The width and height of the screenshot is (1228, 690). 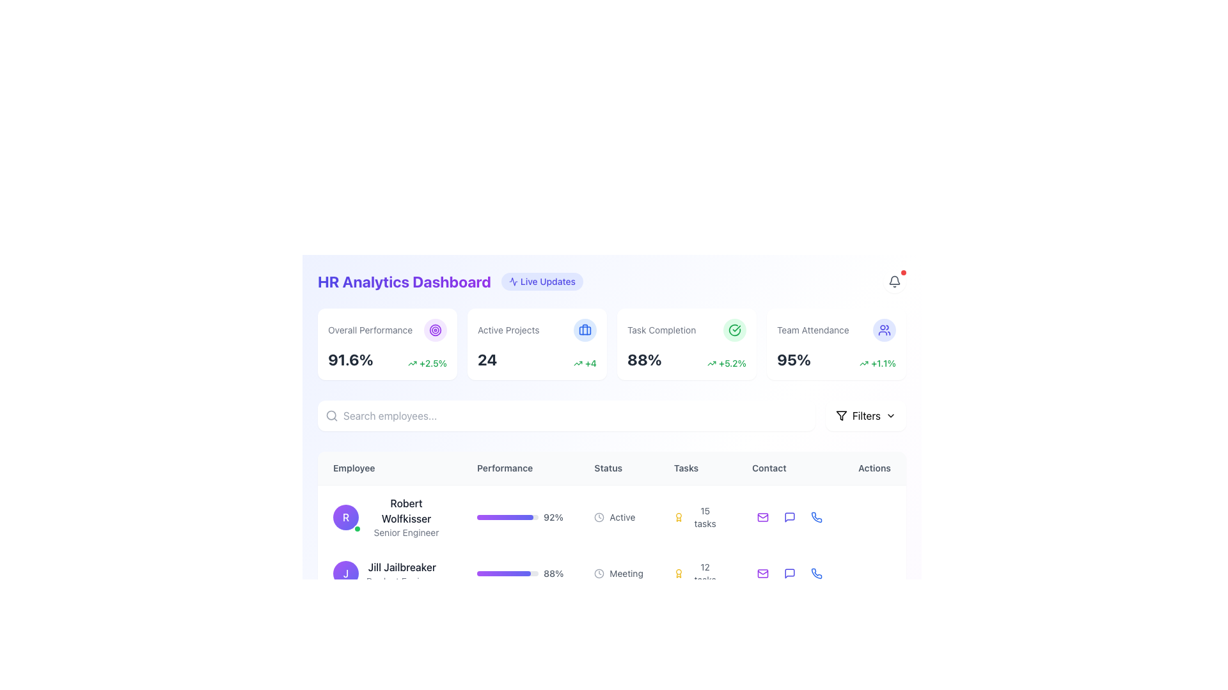 I want to click on the employee performance table located in the lower-right section of the page, below the 'Filters' section, so click(x=611, y=548).